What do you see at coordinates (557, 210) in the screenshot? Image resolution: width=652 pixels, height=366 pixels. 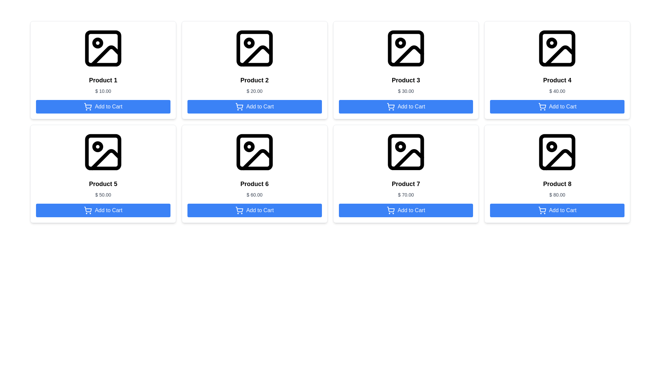 I see `the 'Add to Cart' button with a blue background and white text located at the bottom of the 'Product 8' card to change its background color` at bounding box center [557, 210].